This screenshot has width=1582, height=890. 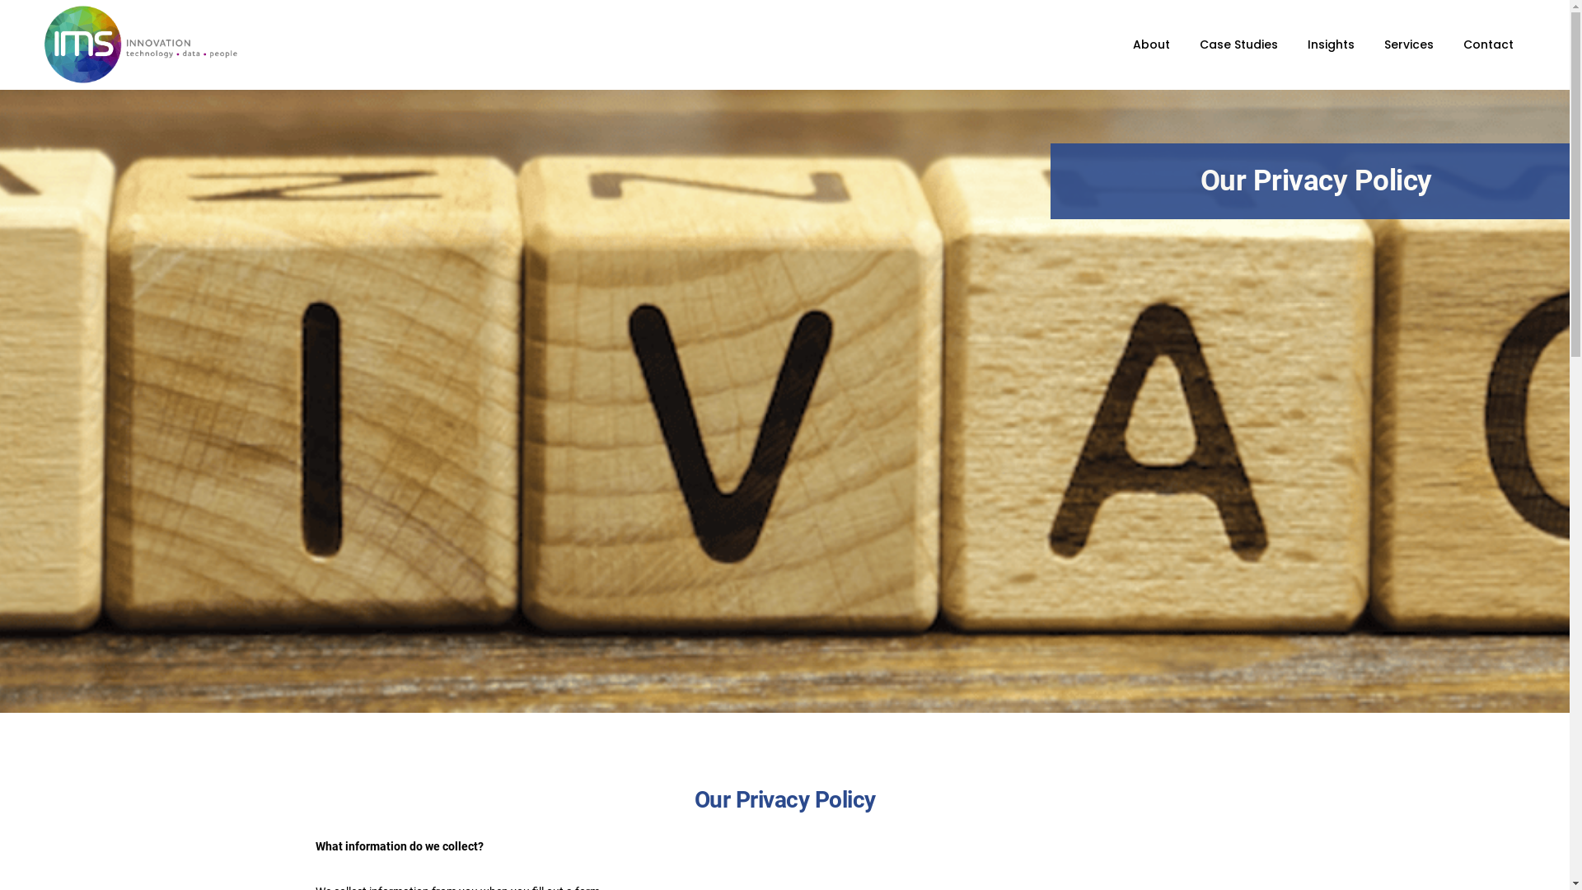 What do you see at coordinates (1384, 44) in the screenshot?
I see `'Services'` at bounding box center [1384, 44].